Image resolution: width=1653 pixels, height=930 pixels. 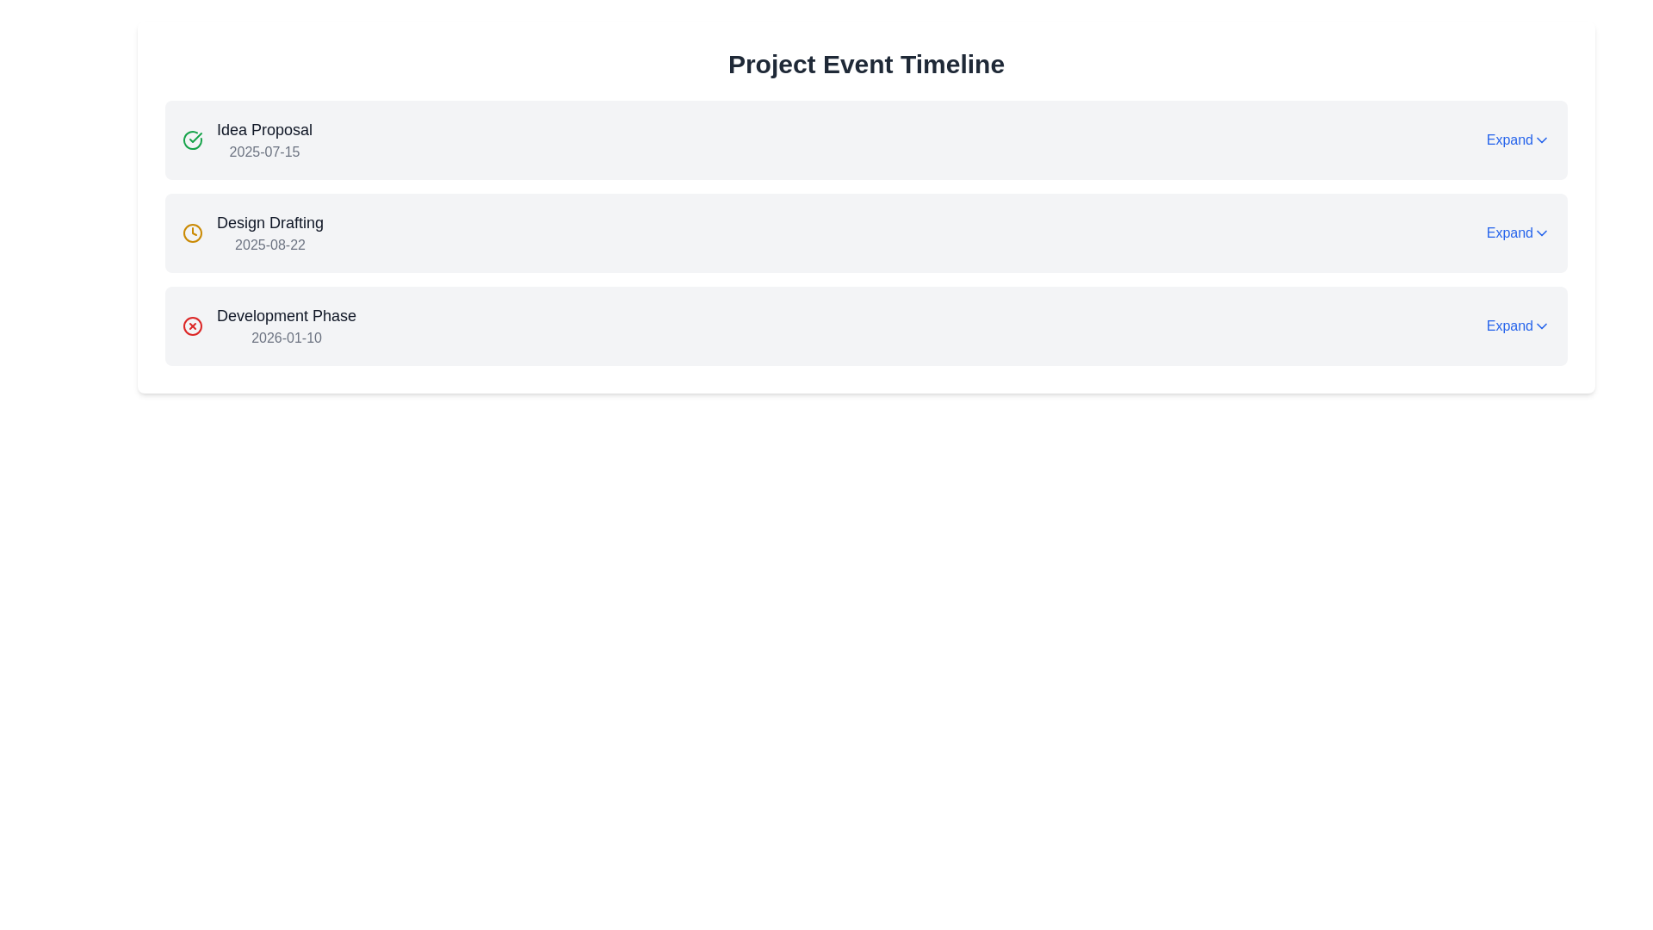 What do you see at coordinates (287, 325) in the screenshot?
I see `text displayed as 'Development Phase' with the associated date '2026-01-10', located on the rightmost side of the third row of the timeline table beneath a red cross icon` at bounding box center [287, 325].